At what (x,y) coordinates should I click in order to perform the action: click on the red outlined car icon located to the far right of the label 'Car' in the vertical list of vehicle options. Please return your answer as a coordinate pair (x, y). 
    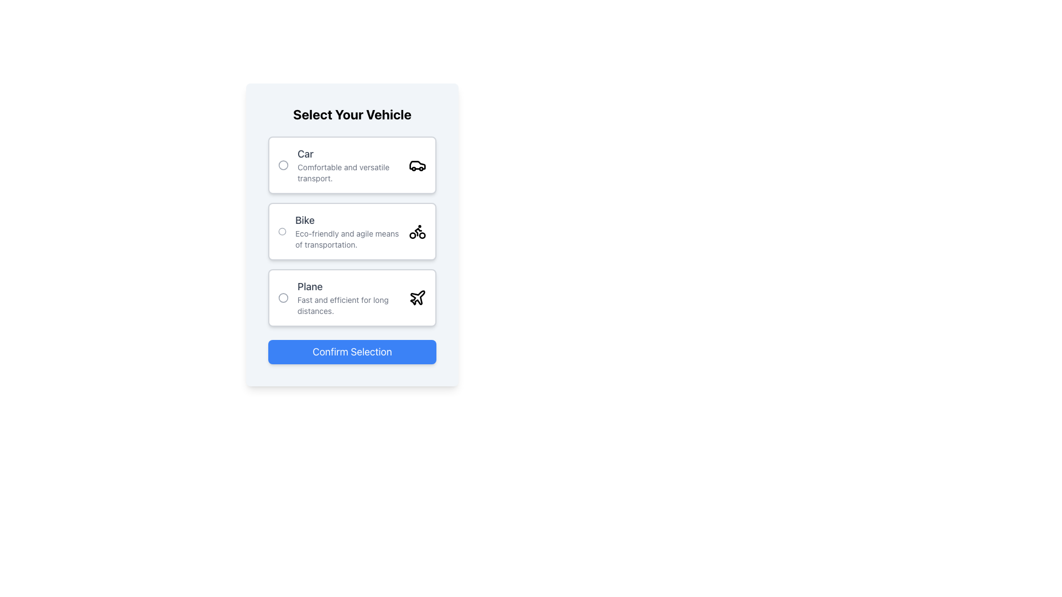
    Looking at the image, I should click on (417, 165).